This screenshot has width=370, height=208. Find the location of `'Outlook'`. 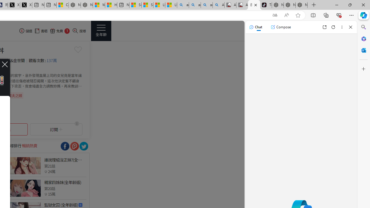

'Outlook' is located at coordinates (363, 50).